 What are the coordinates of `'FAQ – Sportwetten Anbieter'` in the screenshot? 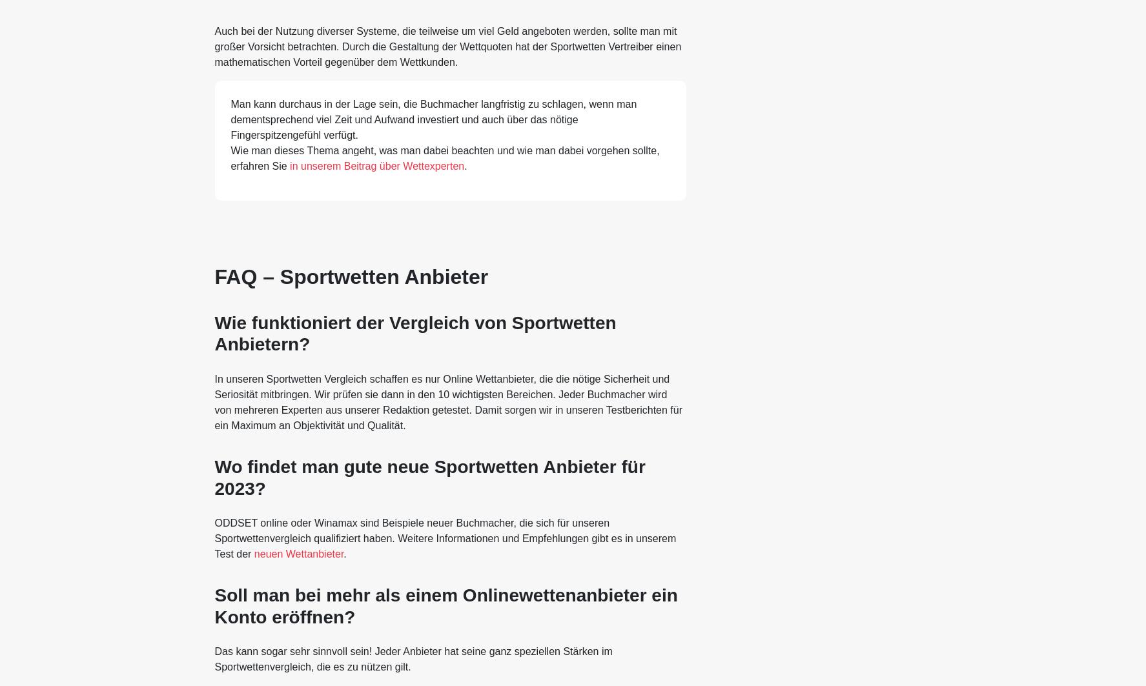 It's located at (351, 277).